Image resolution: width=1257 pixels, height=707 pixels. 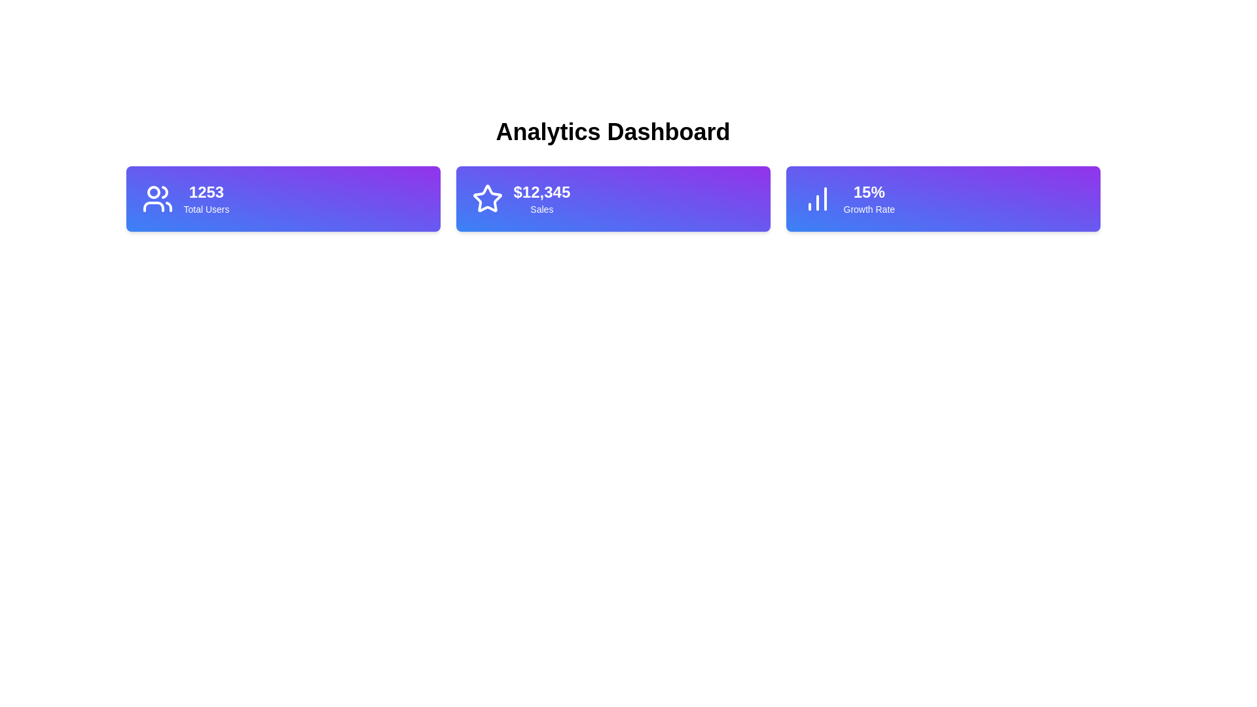 What do you see at coordinates (943, 199) in the screenshot?
I see `the Information card that represents growth rate information, located as the third card in a row of three, positioned to the right of the cards labeled '1253 Total Users' and '$12,345 Sales'` at bounding box center [943, 199].